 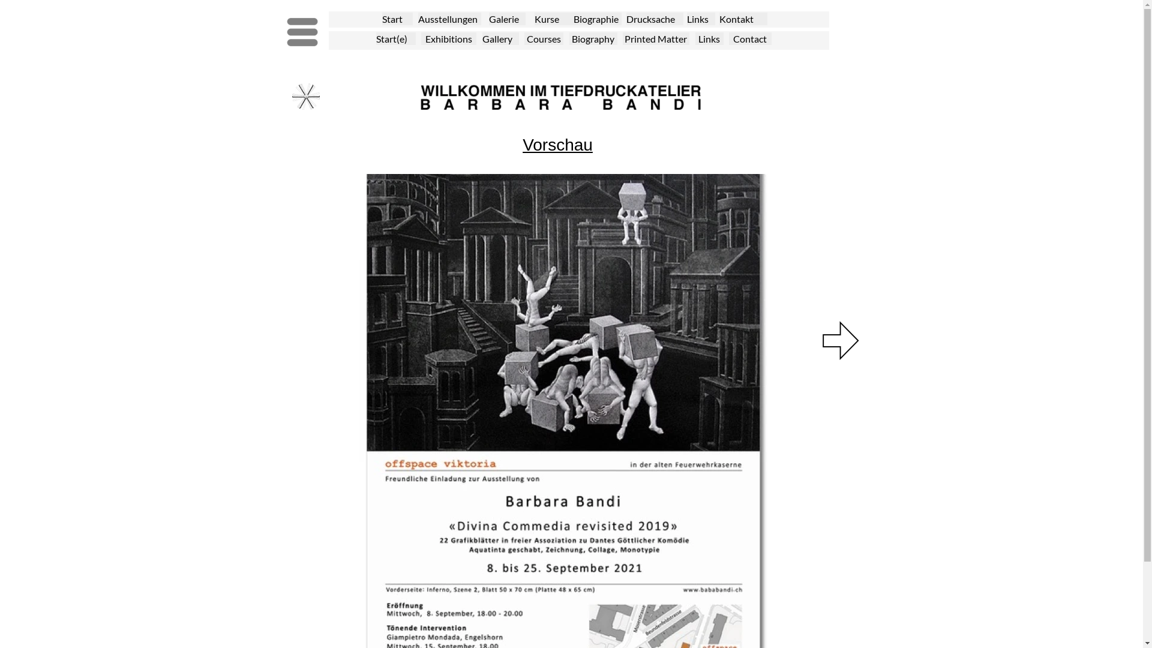 What do you see at coordinates (593, 39) in the screenshot?
I see `'Biography'` at bounding box center [593, 39].